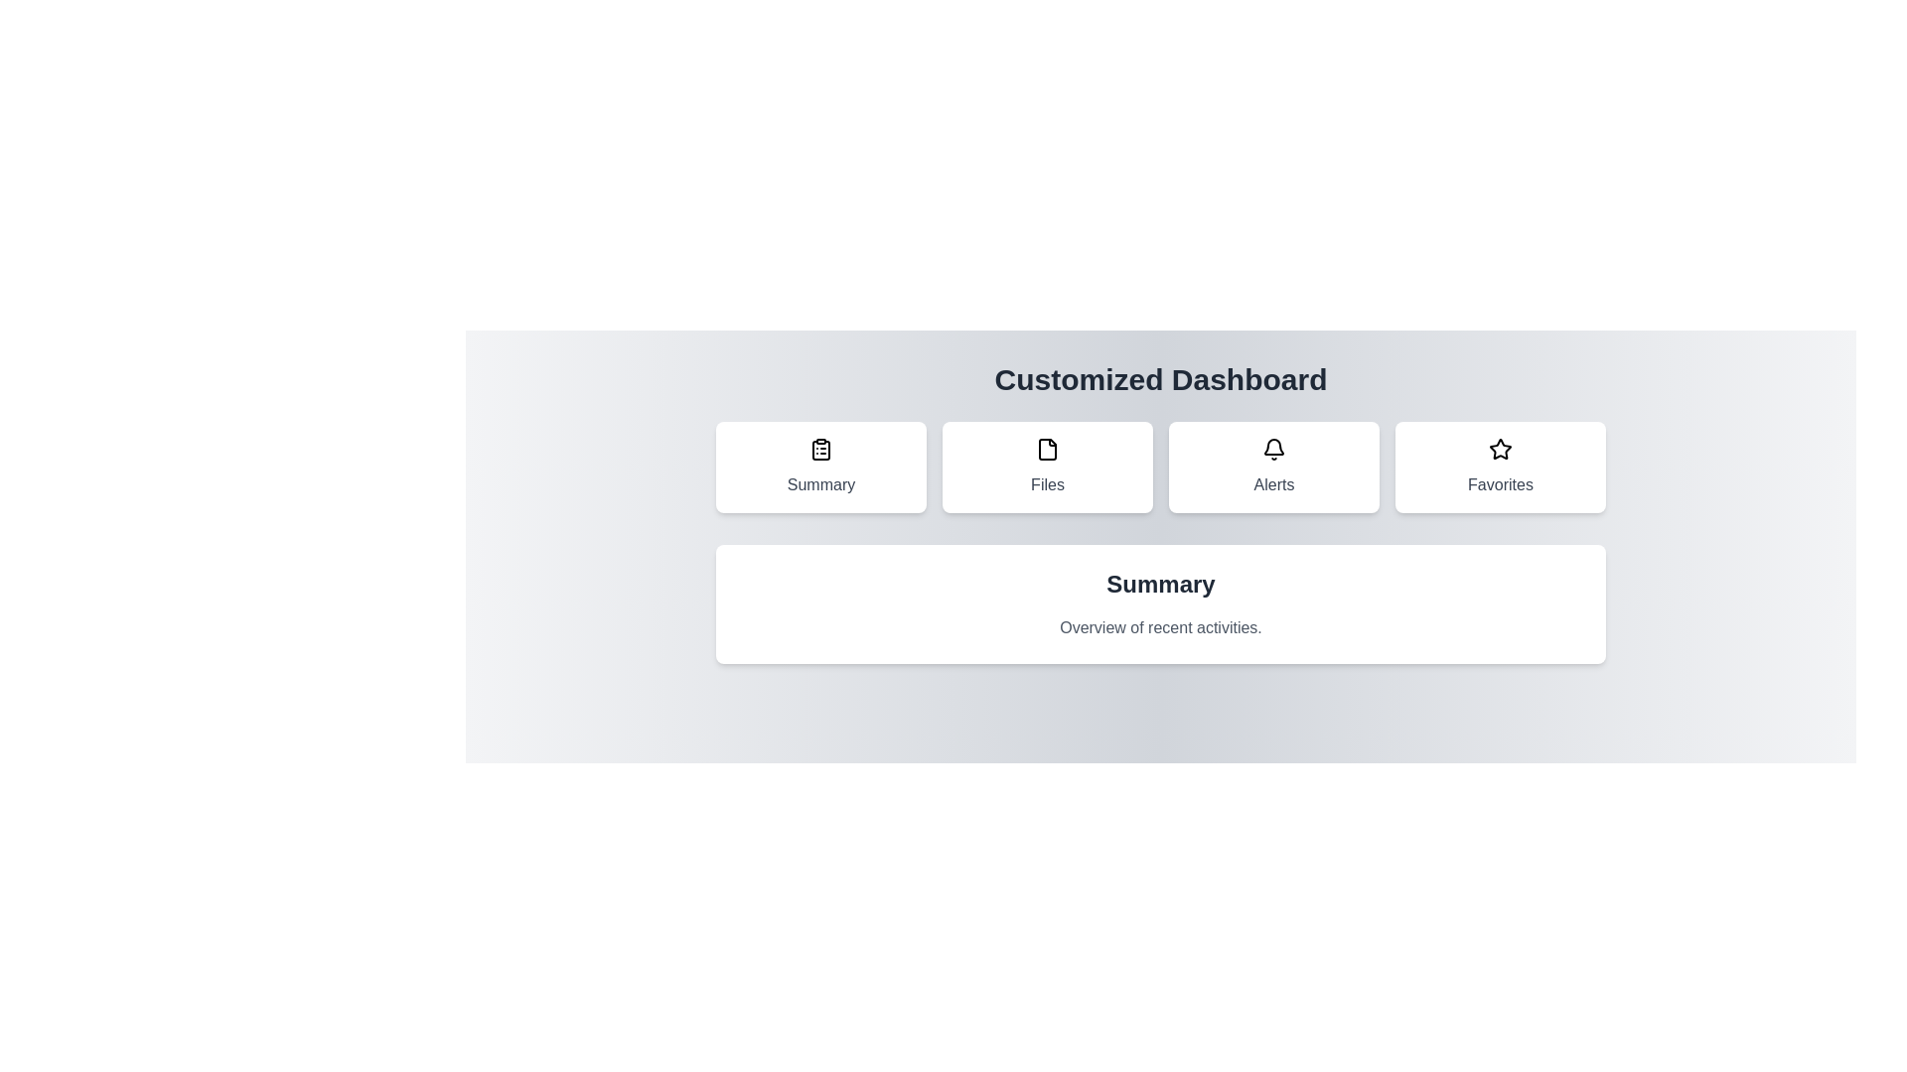  Describe the element at coordinates (1047, 485) in the screenshot. I see `the static text label 'Files' which is styled with medium font weight and gray color, located below the file icon in the Files card of a horizontally aligned set of four cards` at that location.